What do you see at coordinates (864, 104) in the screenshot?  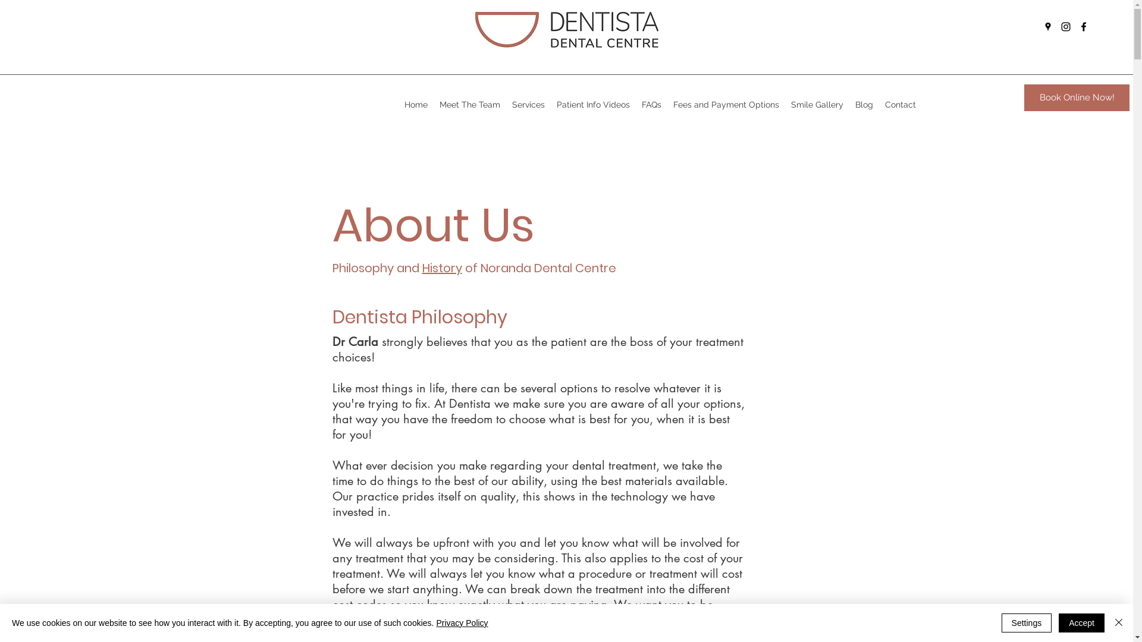 I see `'Blog'` at bounding box center [864, 104].